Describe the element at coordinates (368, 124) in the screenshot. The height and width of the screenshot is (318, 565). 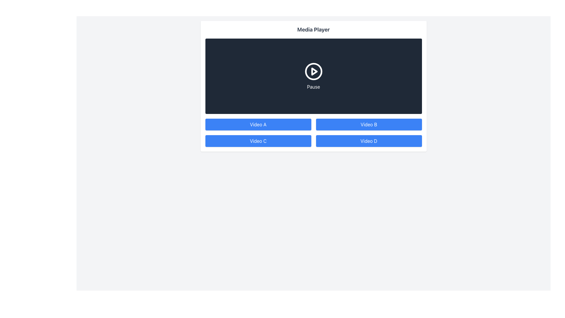
I see `the rectangular button labeled 'Video B' with a blue background` at that location.